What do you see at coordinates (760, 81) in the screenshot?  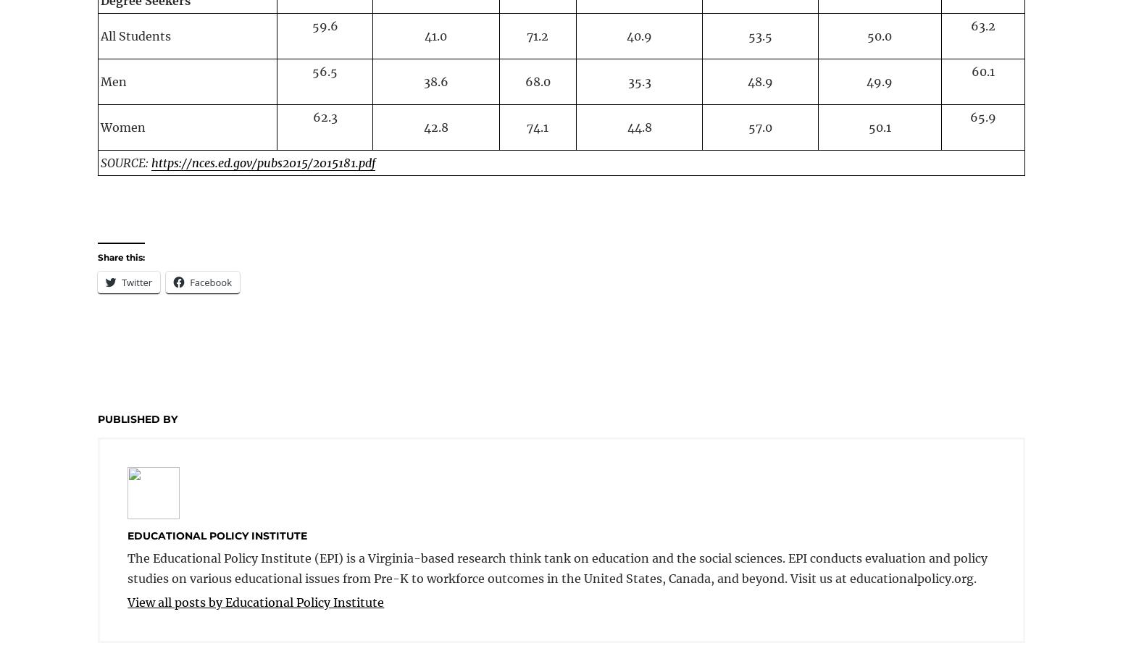 I see `'48.9'` at bounding box center [760, 81].